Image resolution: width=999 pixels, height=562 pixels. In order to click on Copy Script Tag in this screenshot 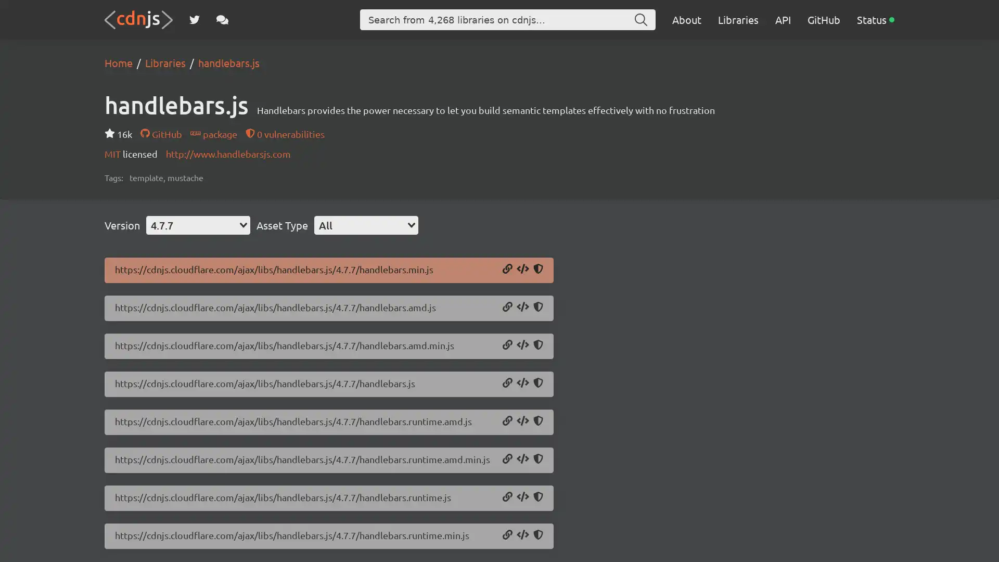, I will do `click(522, 384)`.